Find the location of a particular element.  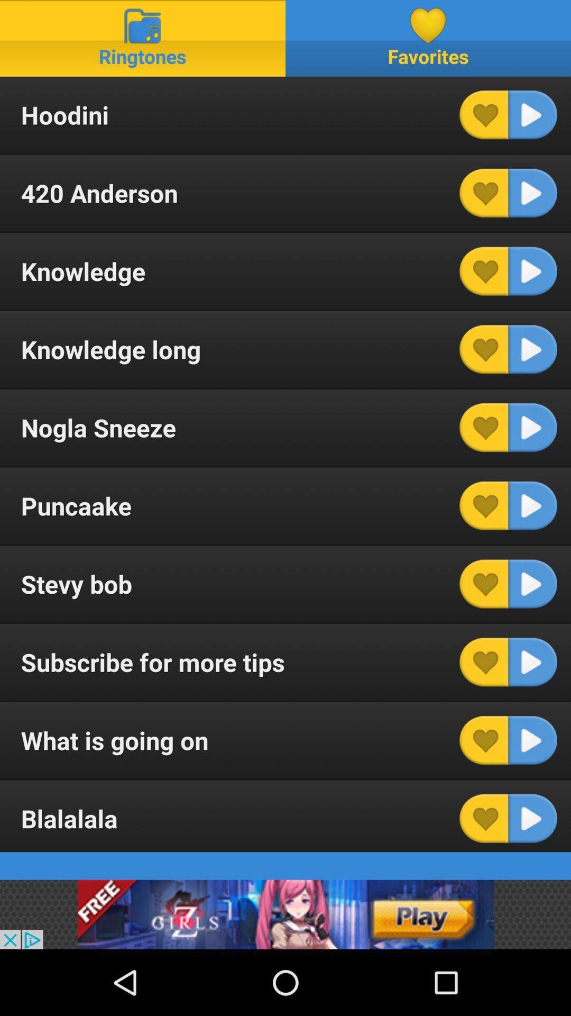

this game free is located at coordinates (285, 914).